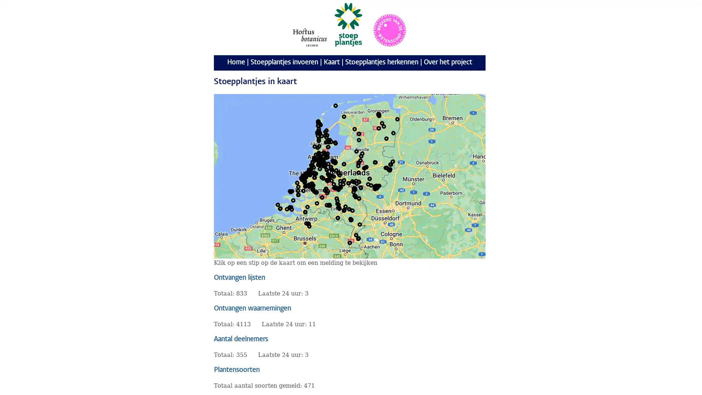  I want to click on Telling van op 27 oktober 2021, so click(321, 161).